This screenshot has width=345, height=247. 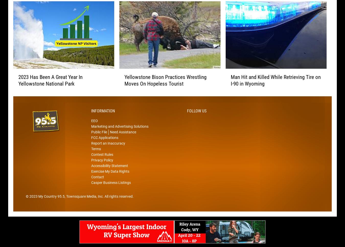 I want to click on '. All rights reserved.', so click(x=118, y=204).